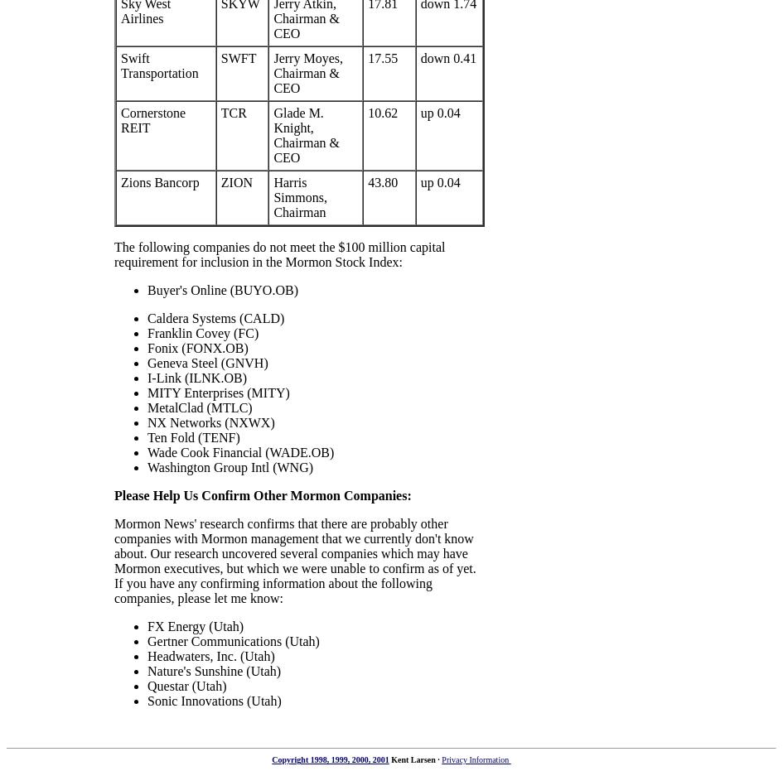 The width and height of the screenshot is (783, 771). What do you see at coordinates (220, 58) in the screenshot?
I see `'SWFT'` at bounding box center [220, 58].